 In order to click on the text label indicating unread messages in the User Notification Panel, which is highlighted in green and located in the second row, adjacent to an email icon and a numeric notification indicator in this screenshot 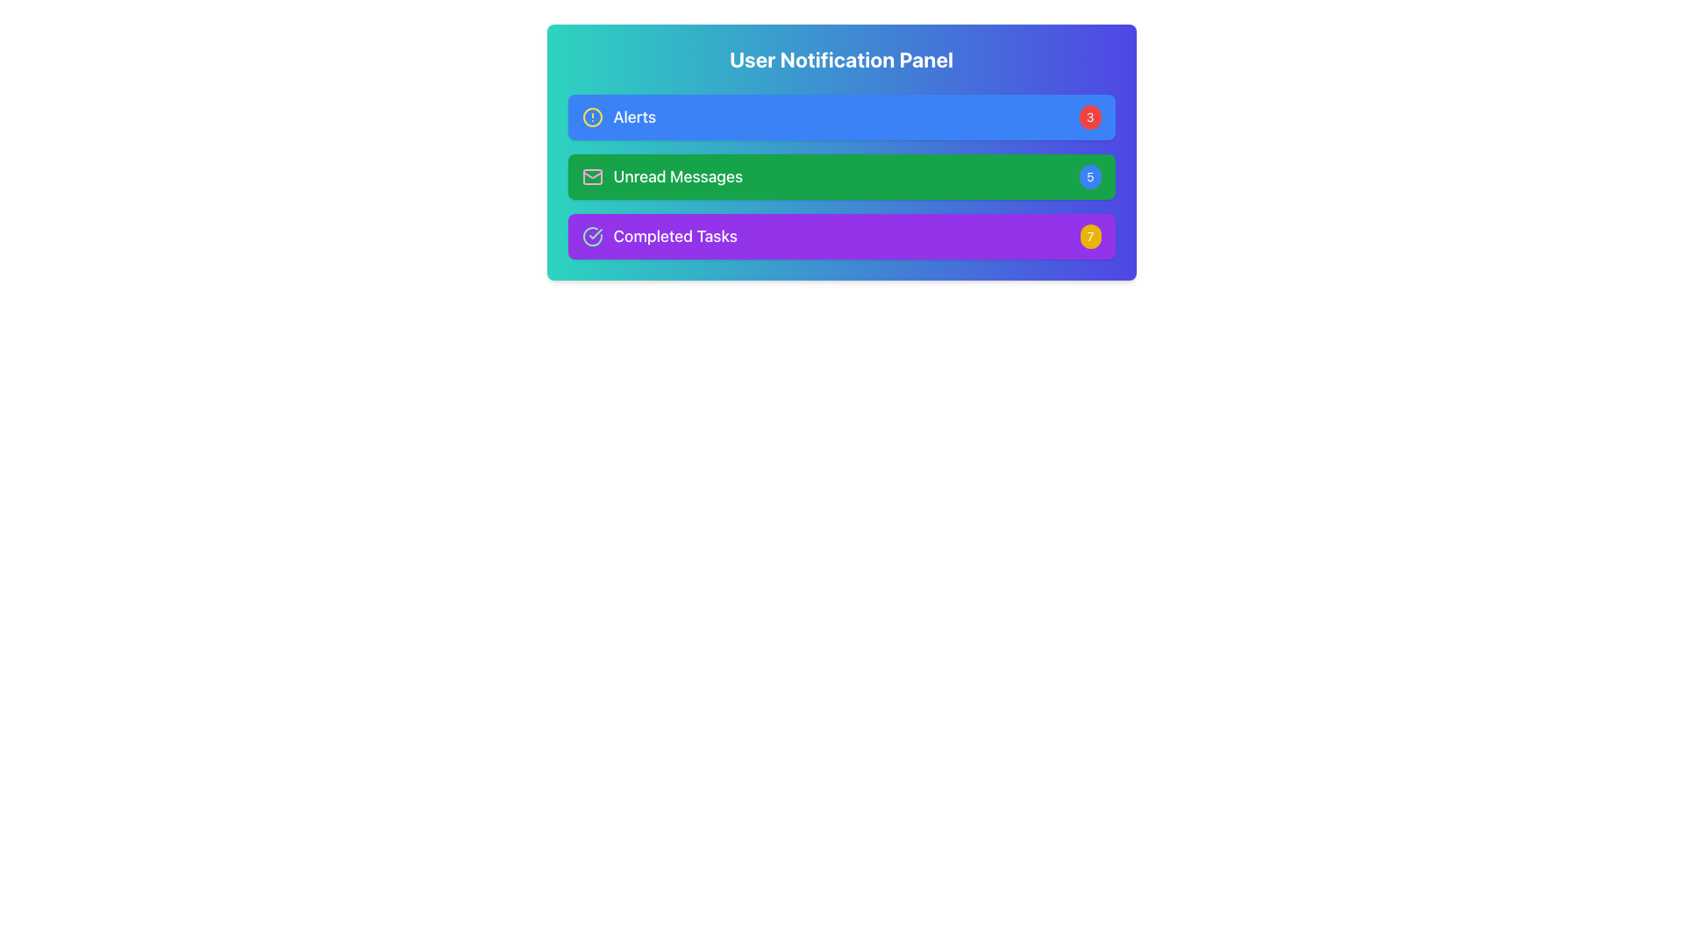, I will do `click(677, 176)`.